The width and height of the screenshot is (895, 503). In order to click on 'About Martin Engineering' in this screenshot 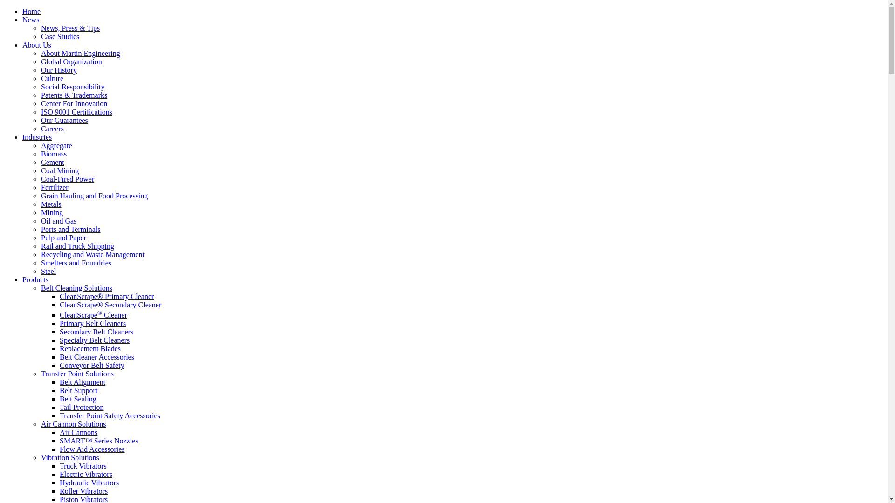, I will do `click(80, 53)`.